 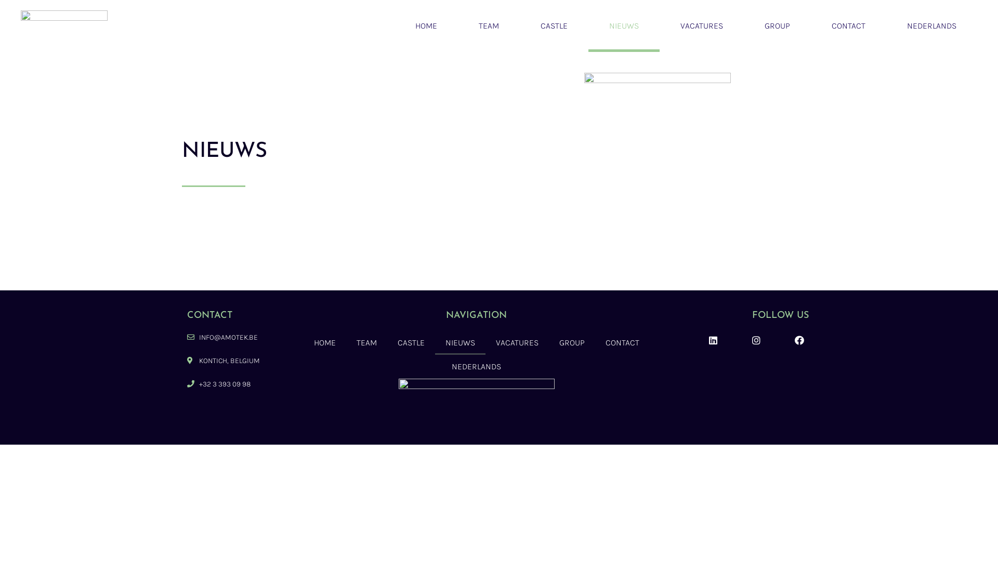 What do you see at coordinates (848, 25) in the screenshot?
I see `'CONTACT'` at bounding box center [848, 25].